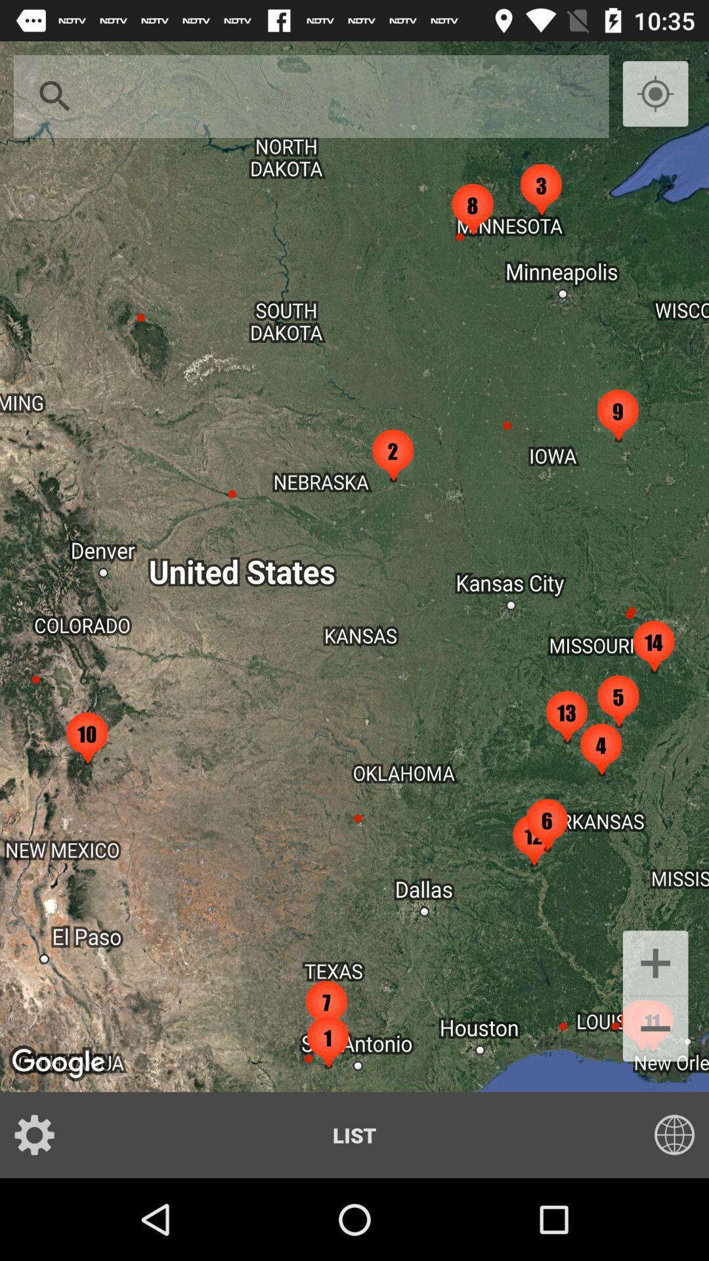 This screenshot has height=1261, width=709. Describe the element at coordinates (655, 962) in the screenshot. I see `the add icon` at that location.